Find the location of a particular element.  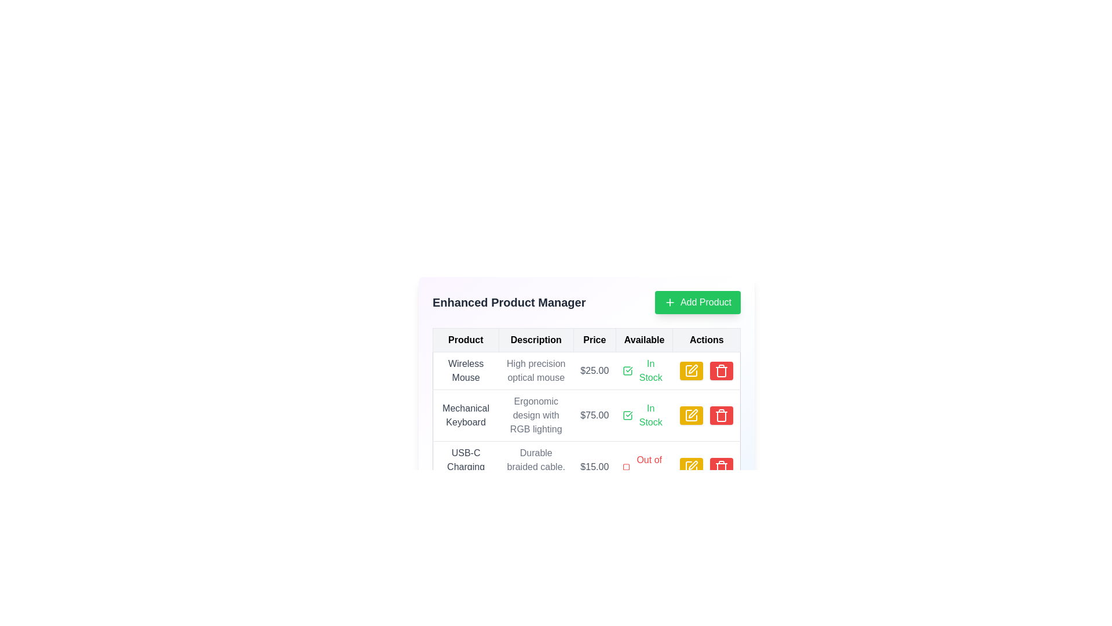

the delete button icon located in the Actions column of the first product's row is located at coordinates (720, 415).